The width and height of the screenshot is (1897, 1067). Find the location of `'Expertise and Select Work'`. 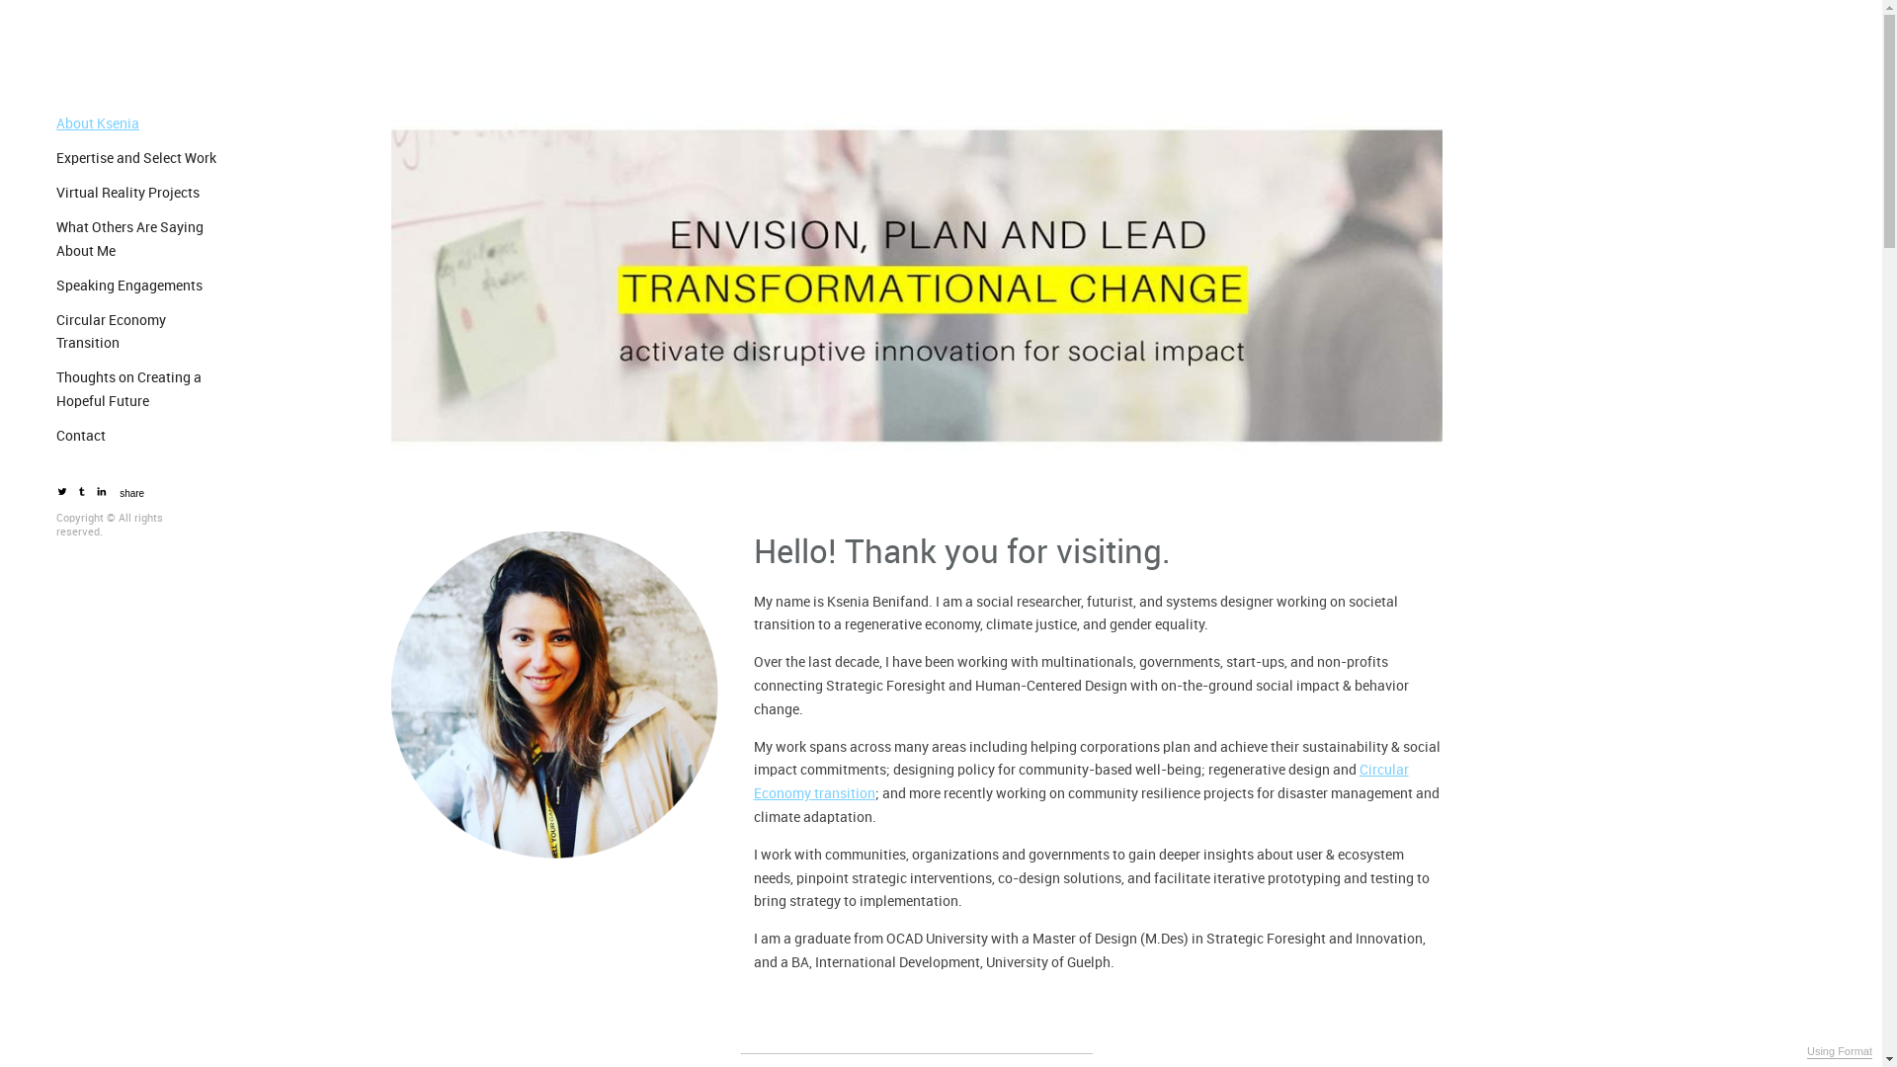

'Expertise and Select Work' is located at coordinates (56, 157).